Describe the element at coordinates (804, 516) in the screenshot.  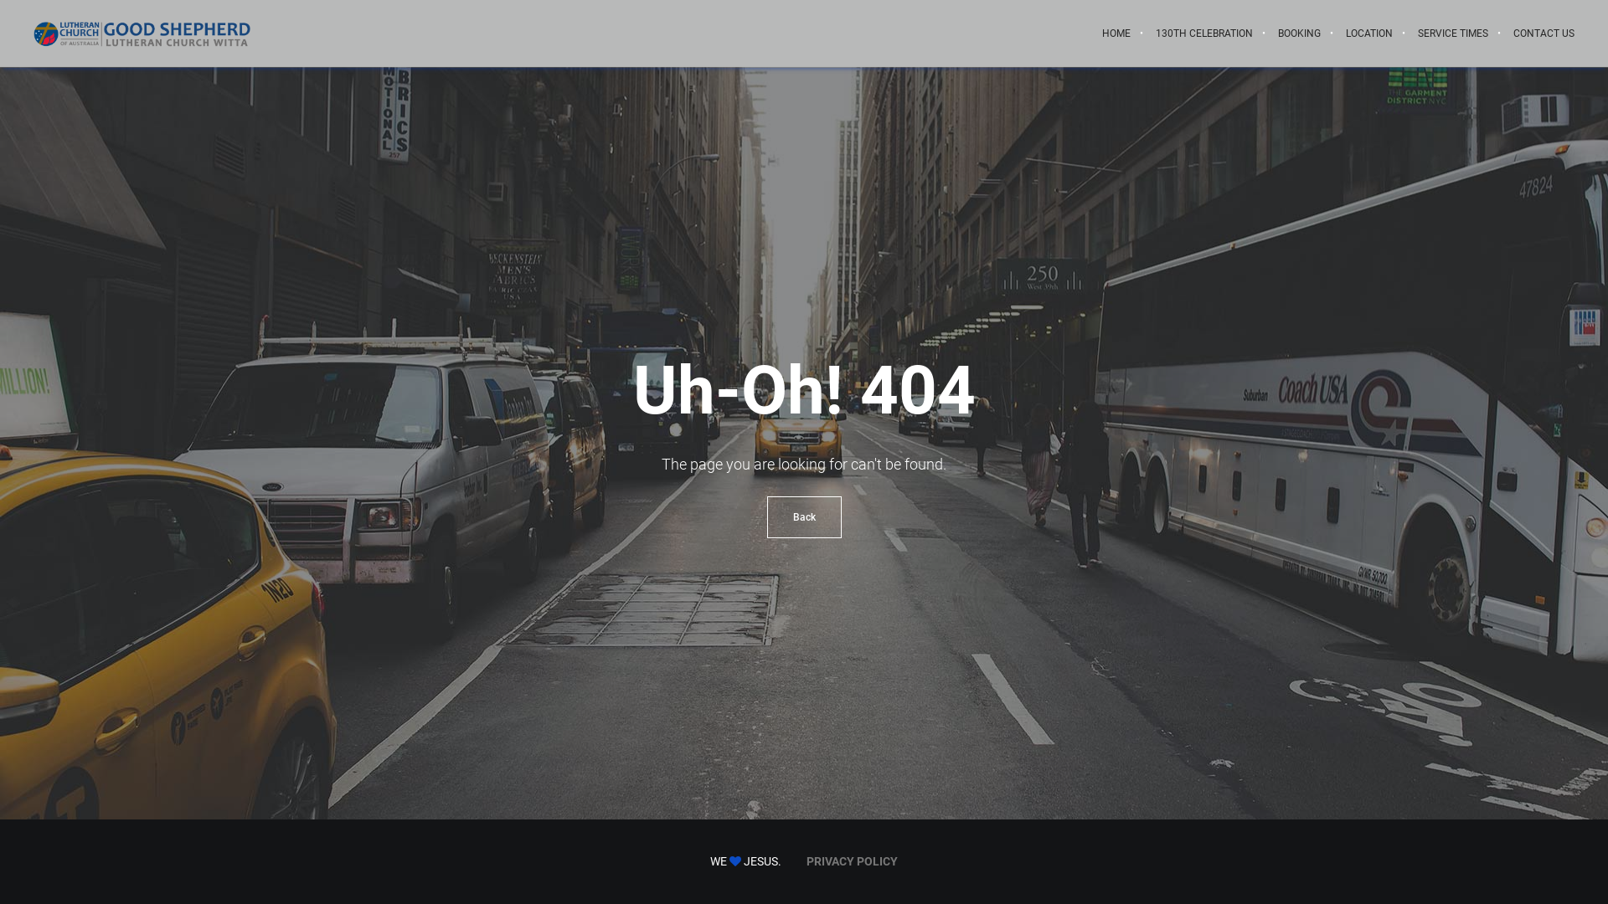
I see `'Back'` at that location.